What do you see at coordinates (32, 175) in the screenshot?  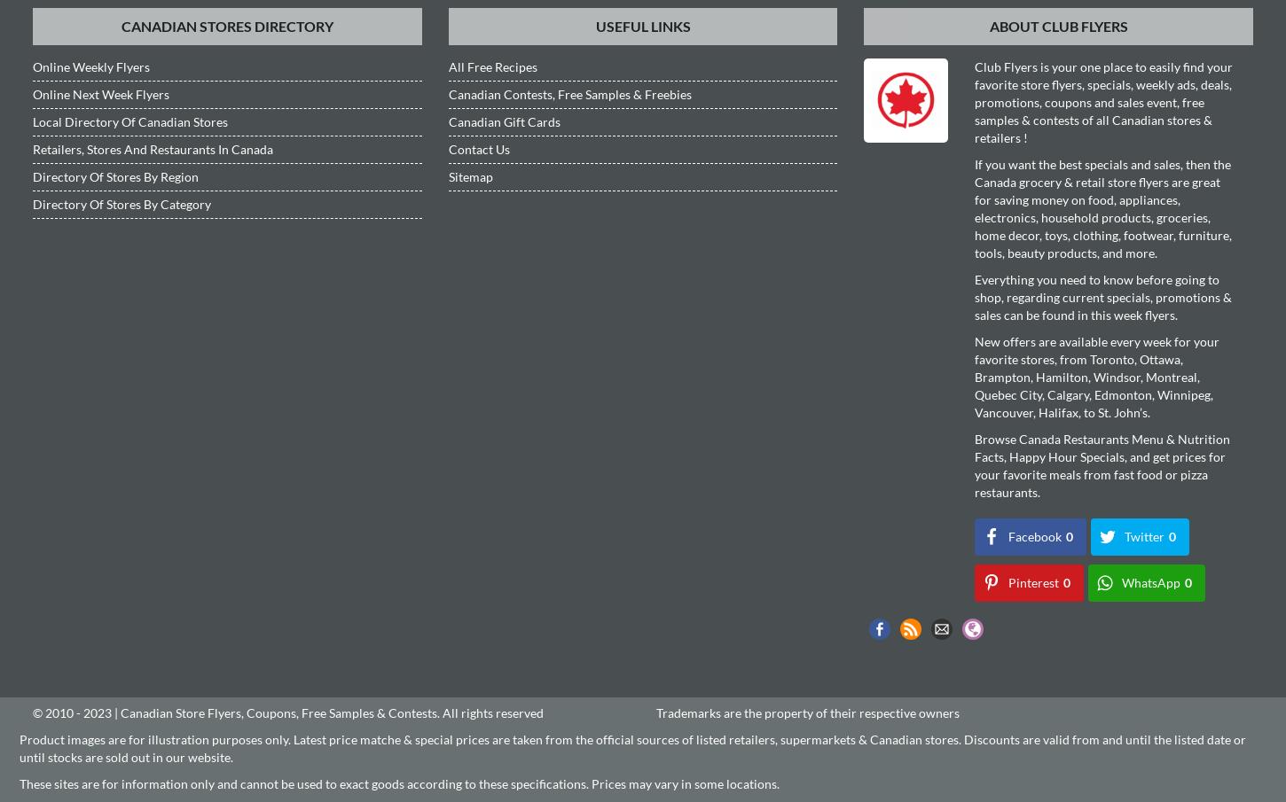 I see `'Directory Of Stores By Region'` at bounding box center [32, 175].